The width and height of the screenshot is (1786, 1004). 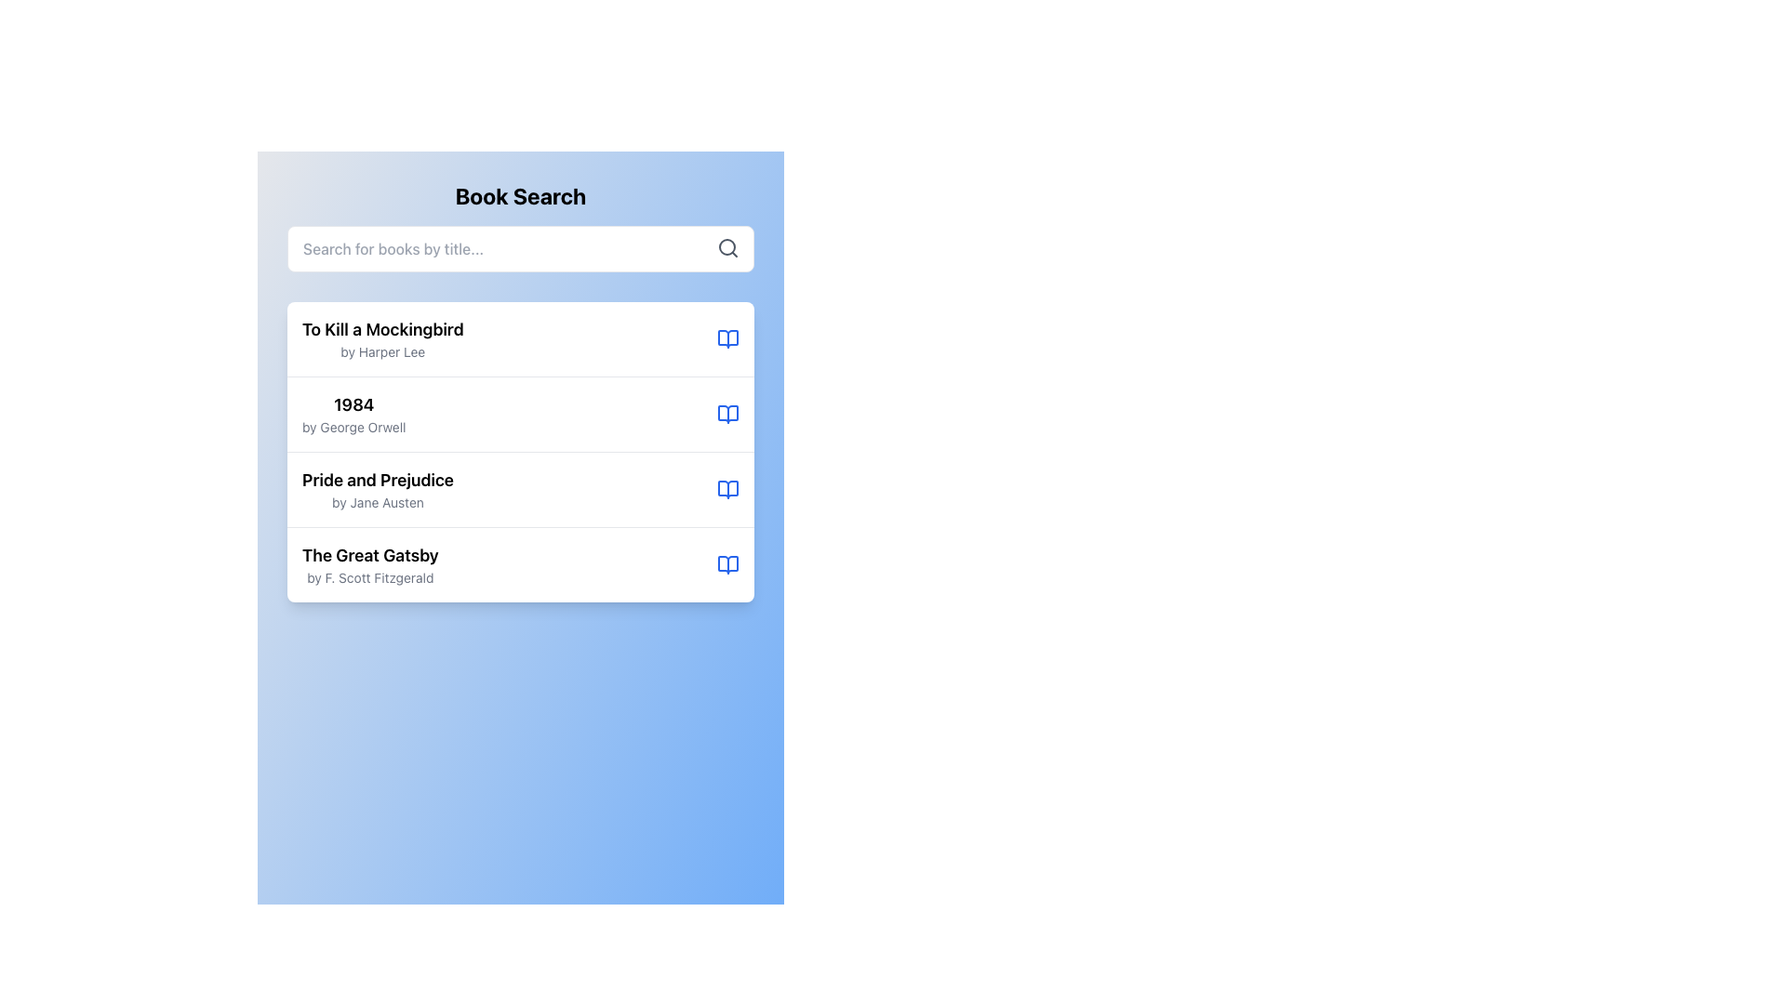 I want to click on the first list item displaying 'To Kill a Mockingbird', so click(x=521, y=339).